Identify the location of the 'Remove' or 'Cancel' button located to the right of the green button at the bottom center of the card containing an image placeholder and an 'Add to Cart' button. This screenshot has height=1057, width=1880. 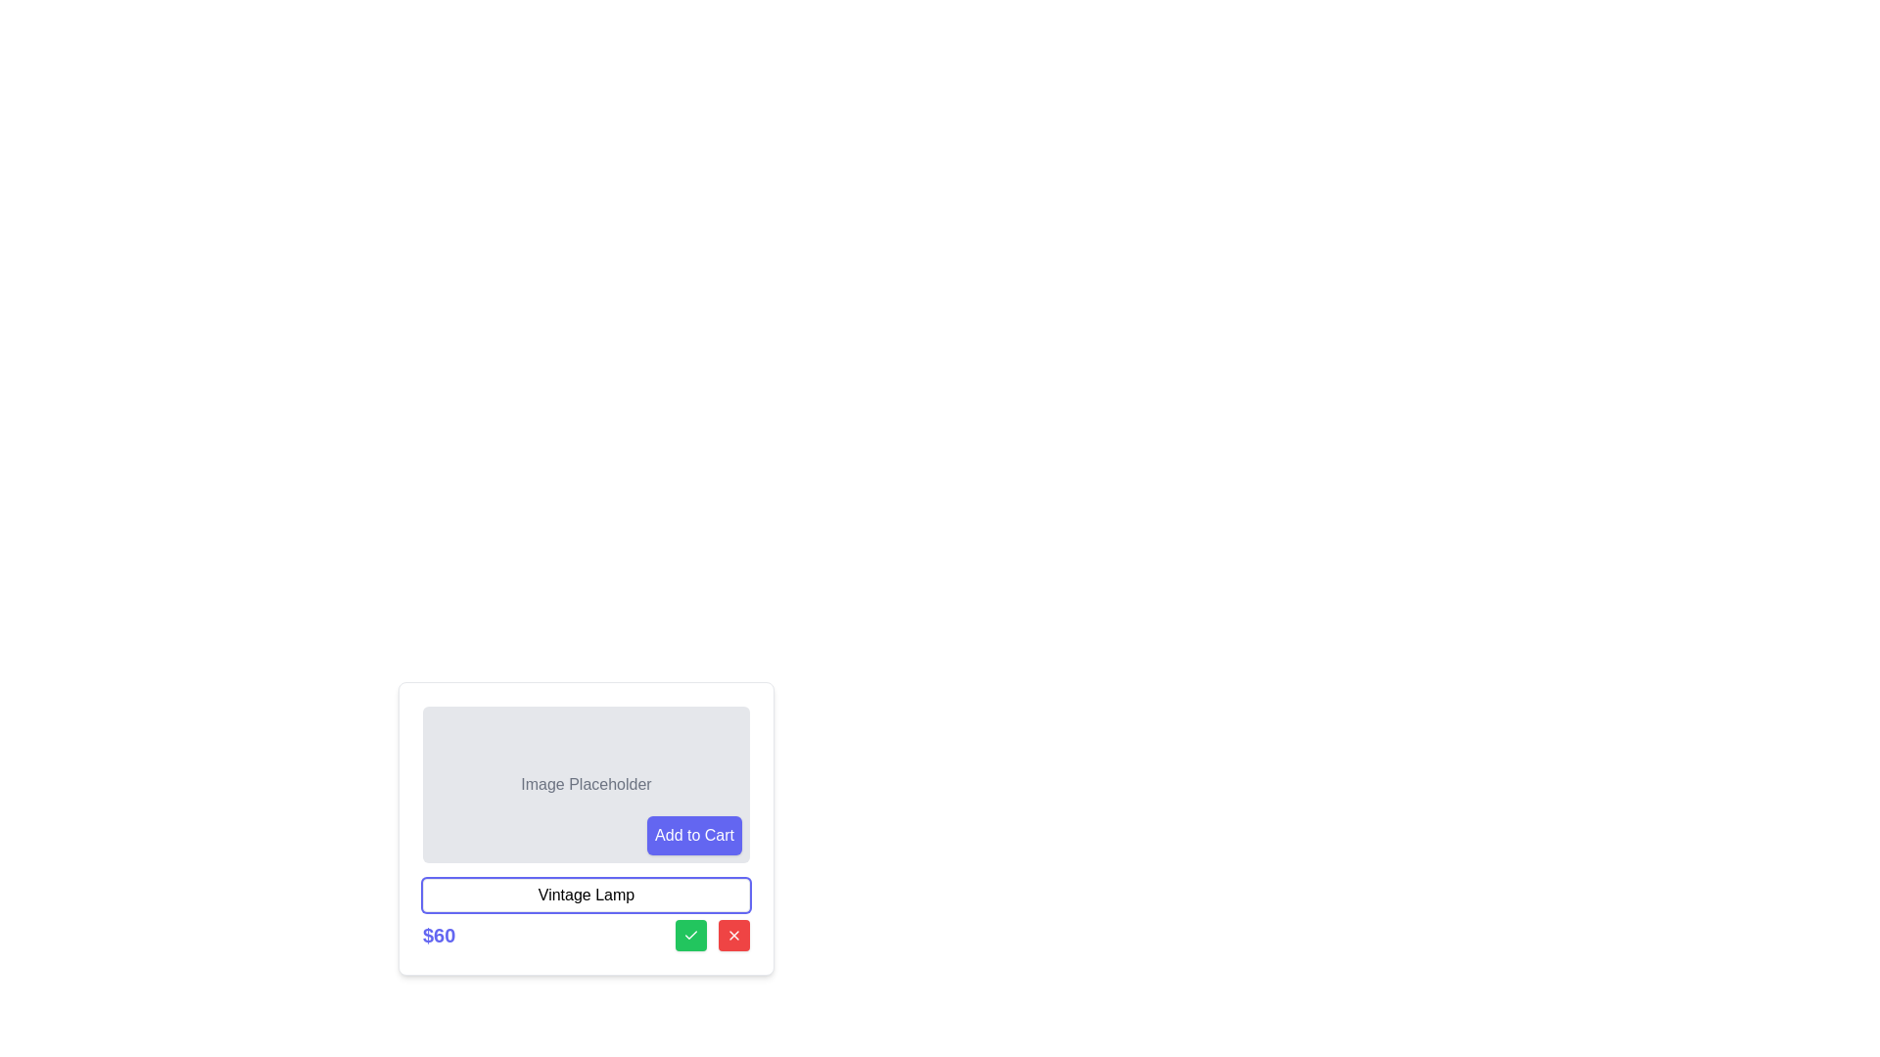
(732, 935).